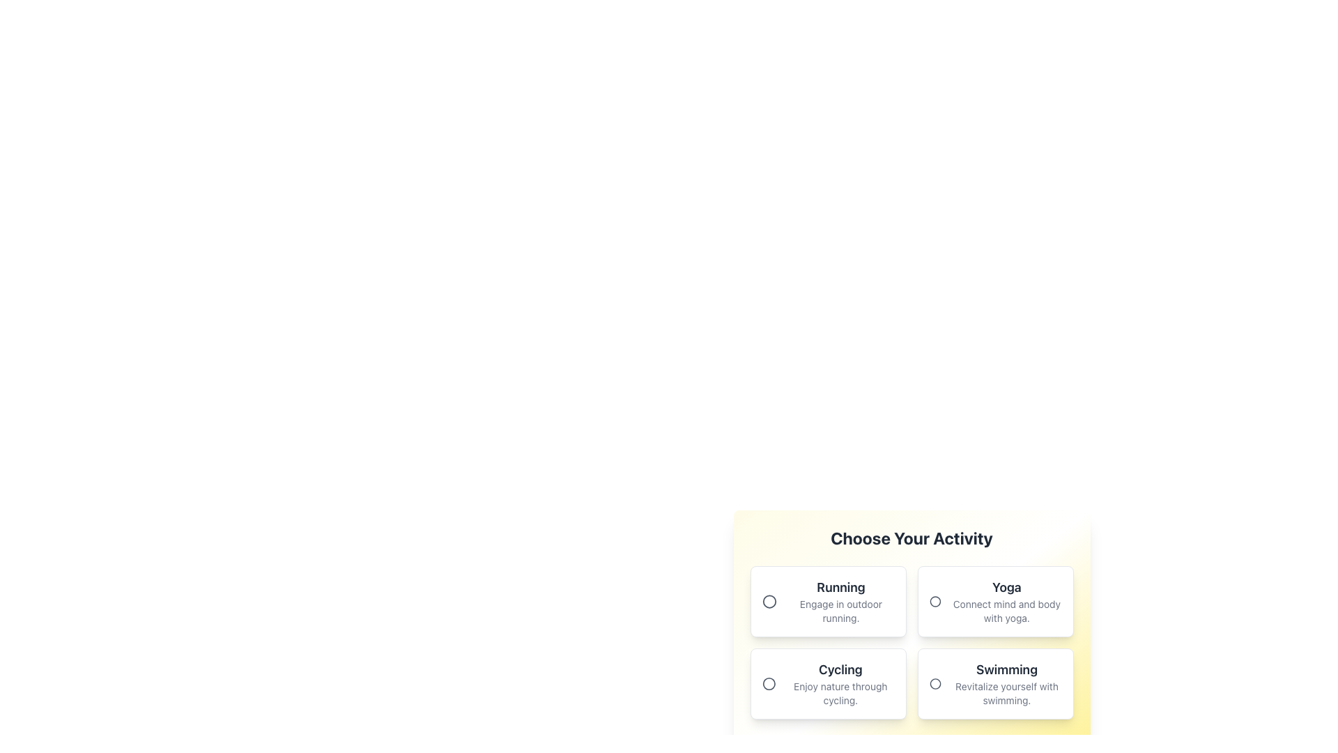 This screenshot has width=1338, height=753. I want to click on the circular radio button styled as an icon with a solid gray center located within the 'Running' card in the top-left corner of the grid, so click(769, 601).